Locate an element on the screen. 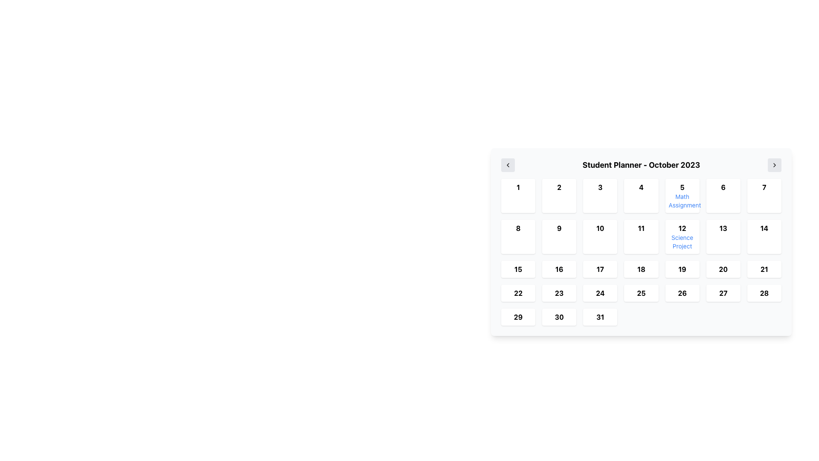 The image size is (819, 461). the button displaying the number '2' in bold, located in the second square from the left in the top row of a calendar-style grid layout is located at coordinates (559, 196).